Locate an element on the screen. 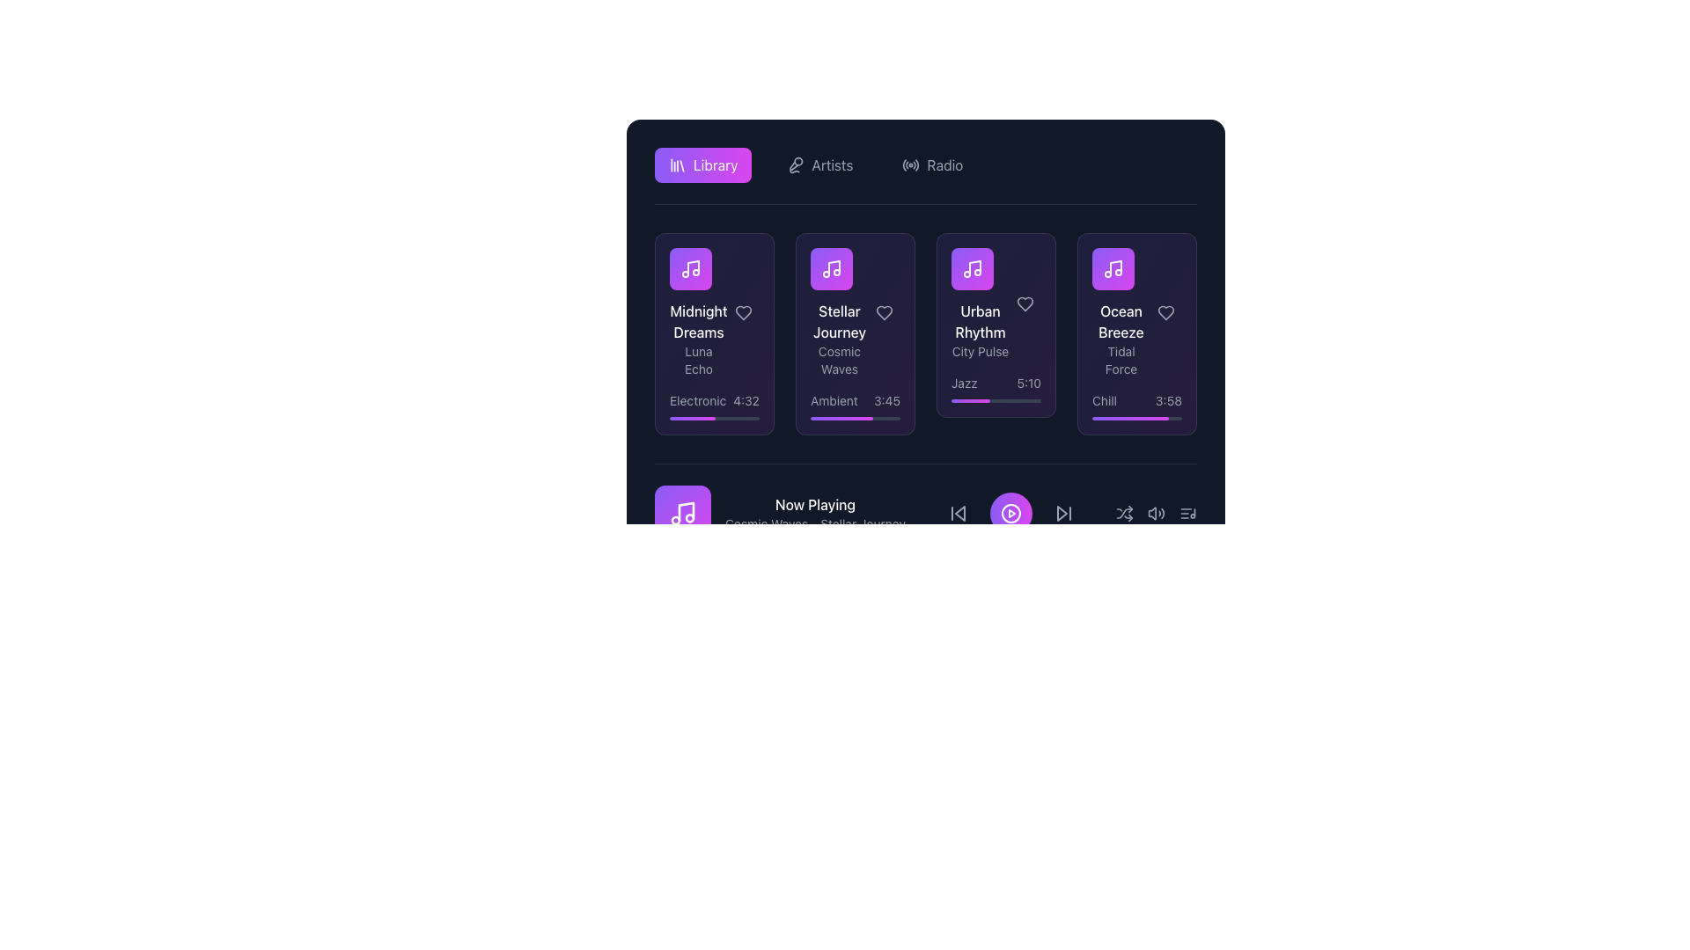 The image size is (1690, 950). the progress bar status of the Information display component that shows media metadata and status, specifically for the title 'Jazz' and the time '5:10', located within the card labeled 'Urban Rhythm' is located at coordinates (996, 388).